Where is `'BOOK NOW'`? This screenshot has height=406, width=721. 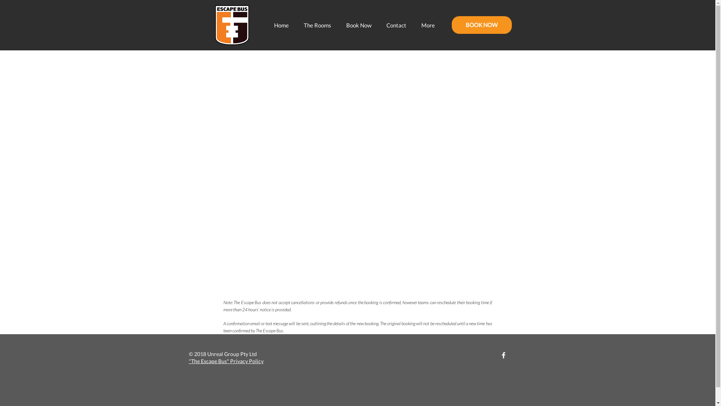 'BOOK NOW' is located at coordinates (481, 24).